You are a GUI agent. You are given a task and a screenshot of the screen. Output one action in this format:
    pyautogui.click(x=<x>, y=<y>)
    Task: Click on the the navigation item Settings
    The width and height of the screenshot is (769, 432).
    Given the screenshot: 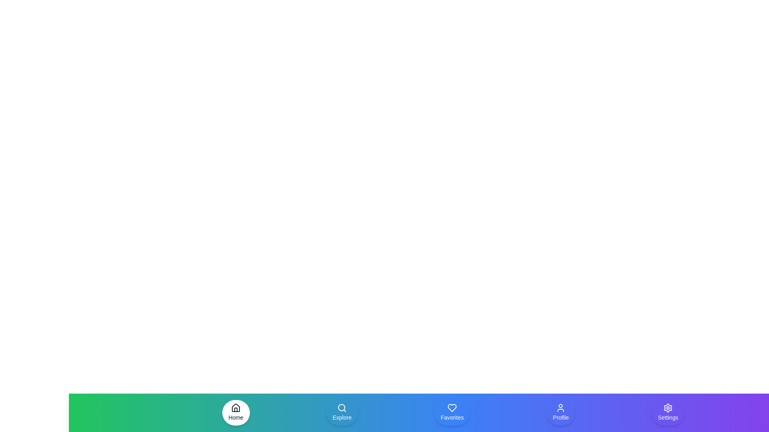 What is the action you would take?
    pyautogui.click(x=668, y=413)
    